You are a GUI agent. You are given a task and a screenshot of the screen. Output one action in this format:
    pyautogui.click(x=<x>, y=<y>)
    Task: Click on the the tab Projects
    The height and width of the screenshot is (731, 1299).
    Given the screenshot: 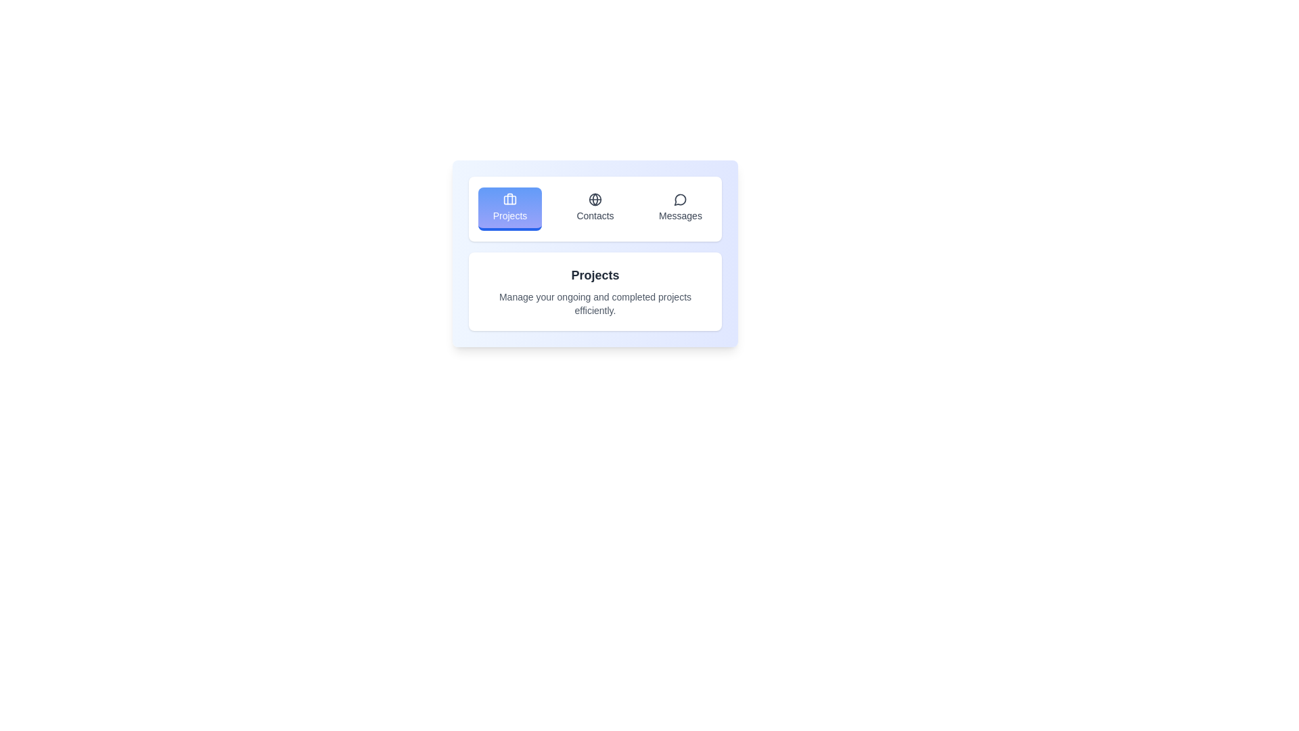 What is the action you would take?
    pyautogui.click(x=509, y=208)
    